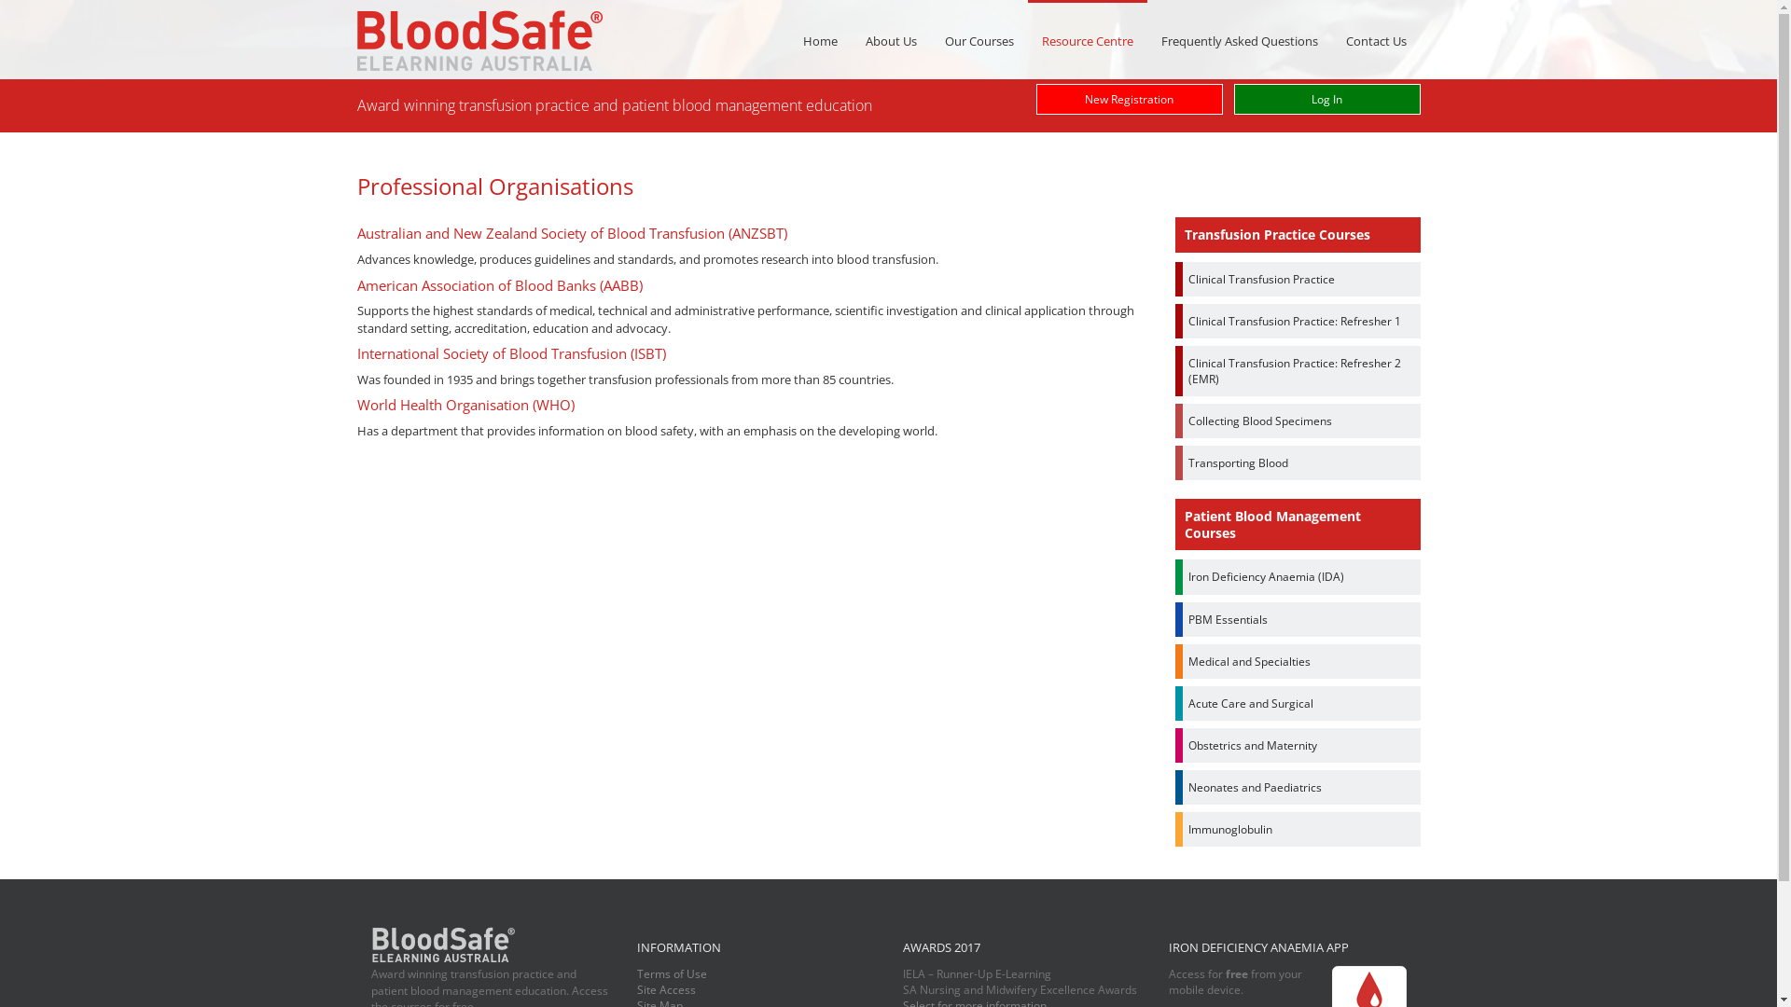 This screenshot has height=1007, width=1791. I want to click on 'Our Courses', so click(979, 40).